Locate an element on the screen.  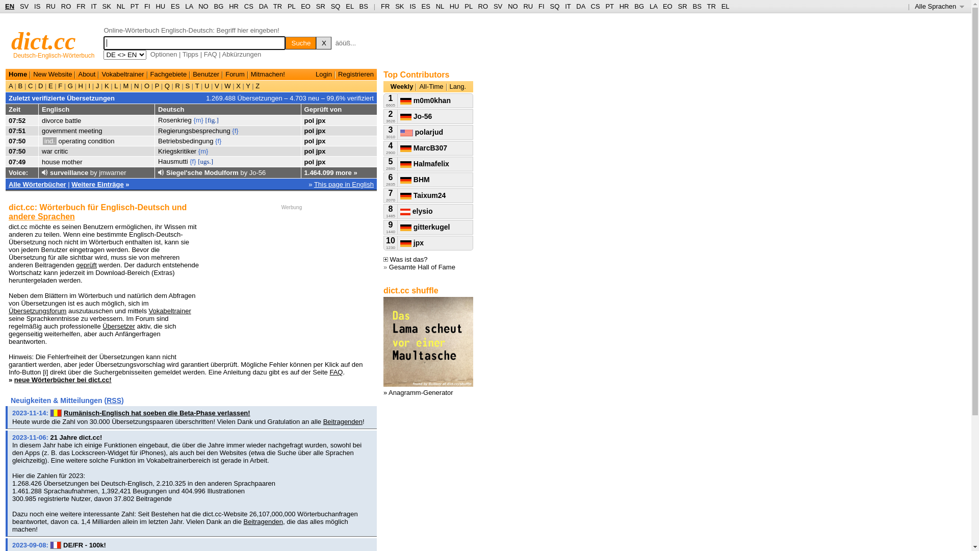
'FR' is located at coordinates (384, 6).